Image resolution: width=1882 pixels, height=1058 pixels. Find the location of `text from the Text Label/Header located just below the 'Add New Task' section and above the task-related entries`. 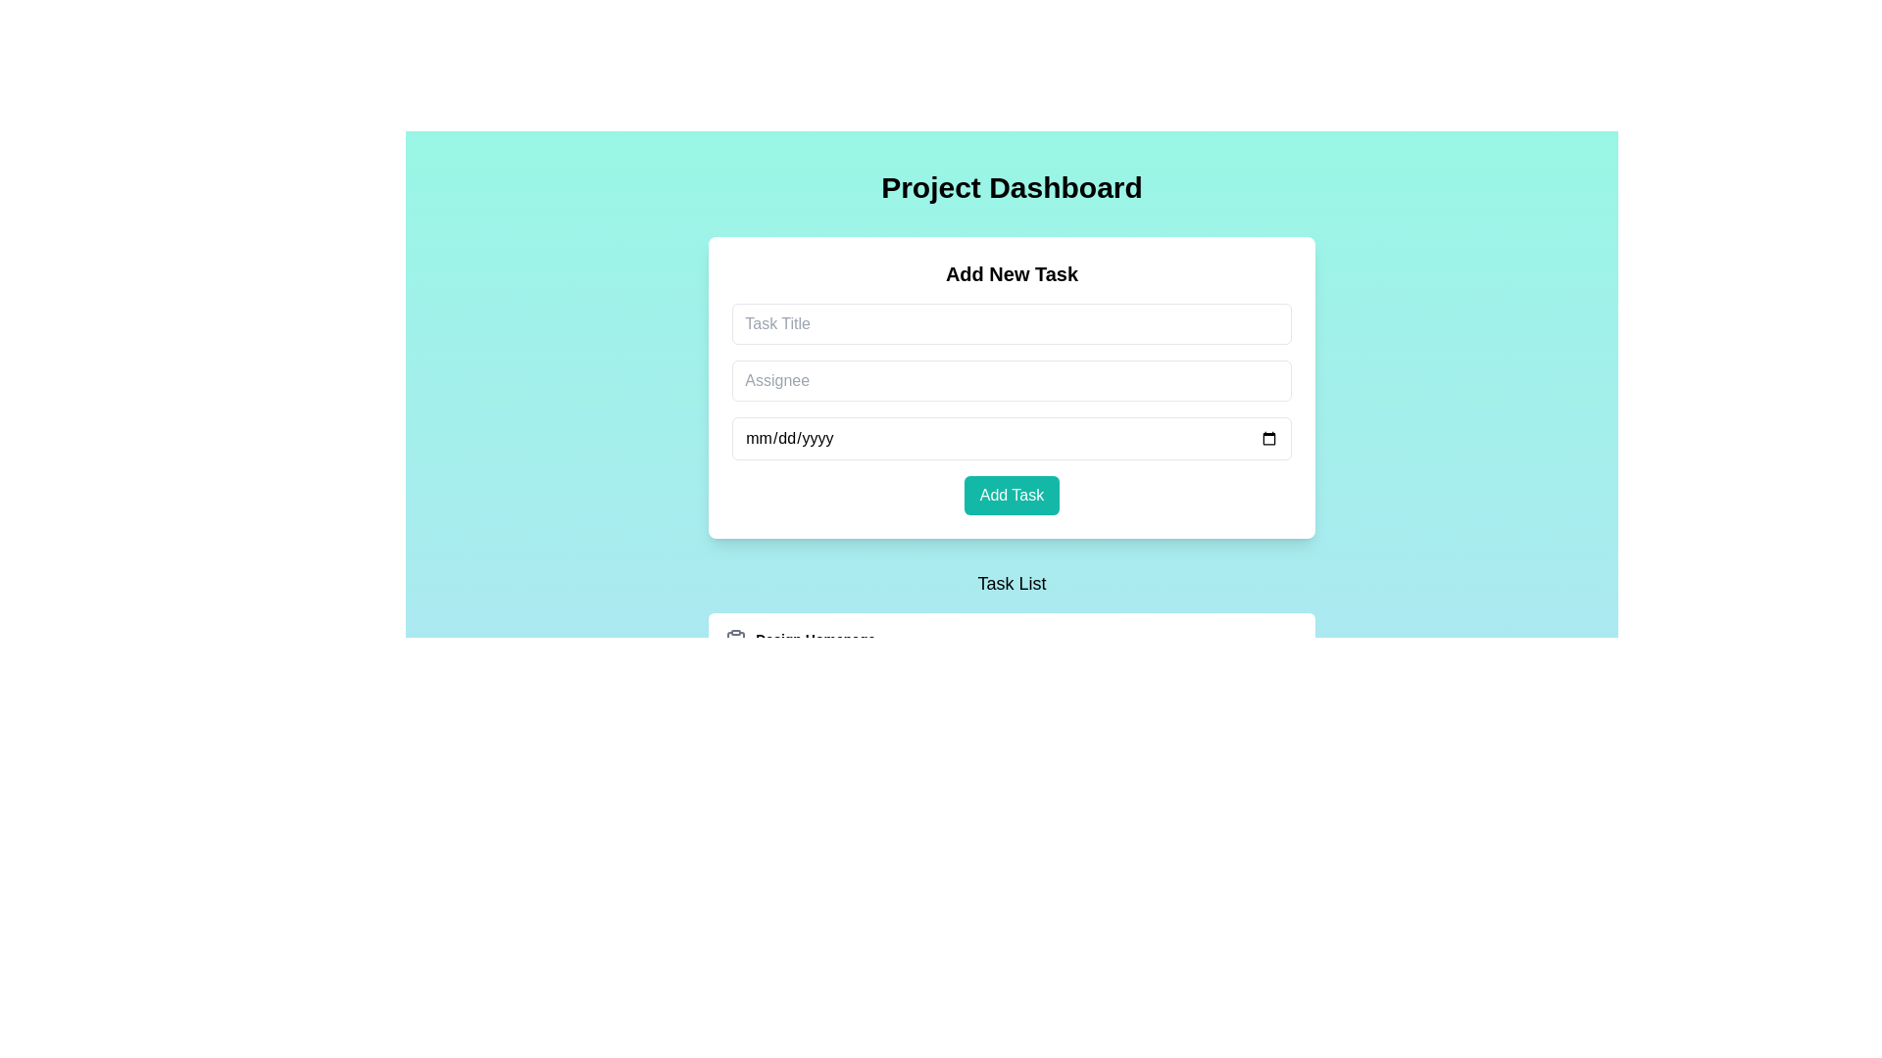

text from the Text Label/Header located just below the 'Add New Task' section and above the task-related entries is located at coordinates (1012, 583).